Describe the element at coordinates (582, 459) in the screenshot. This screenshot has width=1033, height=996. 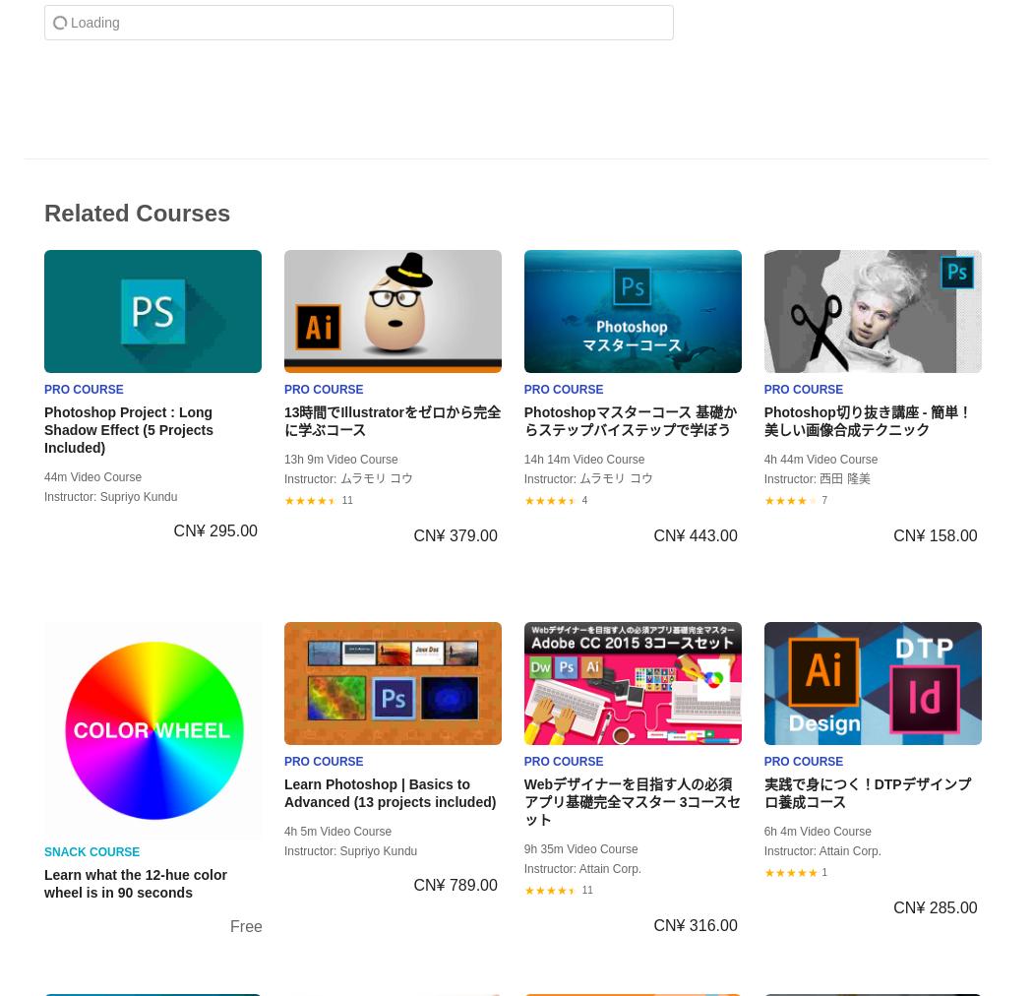
I see `'14h 14m Video Course'` at that location.